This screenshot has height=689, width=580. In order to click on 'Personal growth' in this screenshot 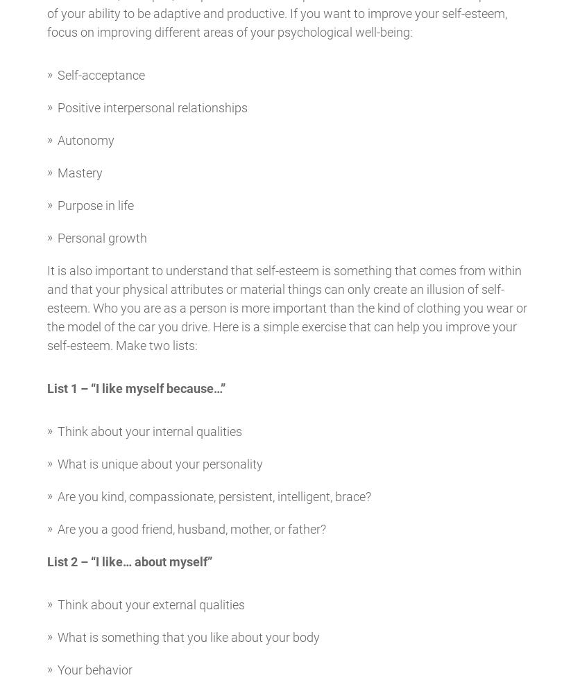, I will do `click(101, 237)`.